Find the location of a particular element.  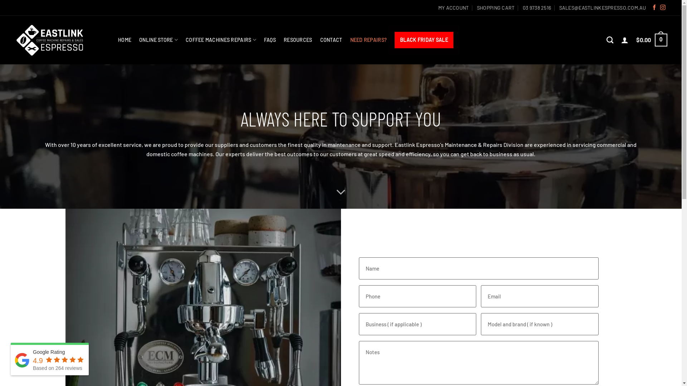

'$0.00 is located at coordinates (652, 40).